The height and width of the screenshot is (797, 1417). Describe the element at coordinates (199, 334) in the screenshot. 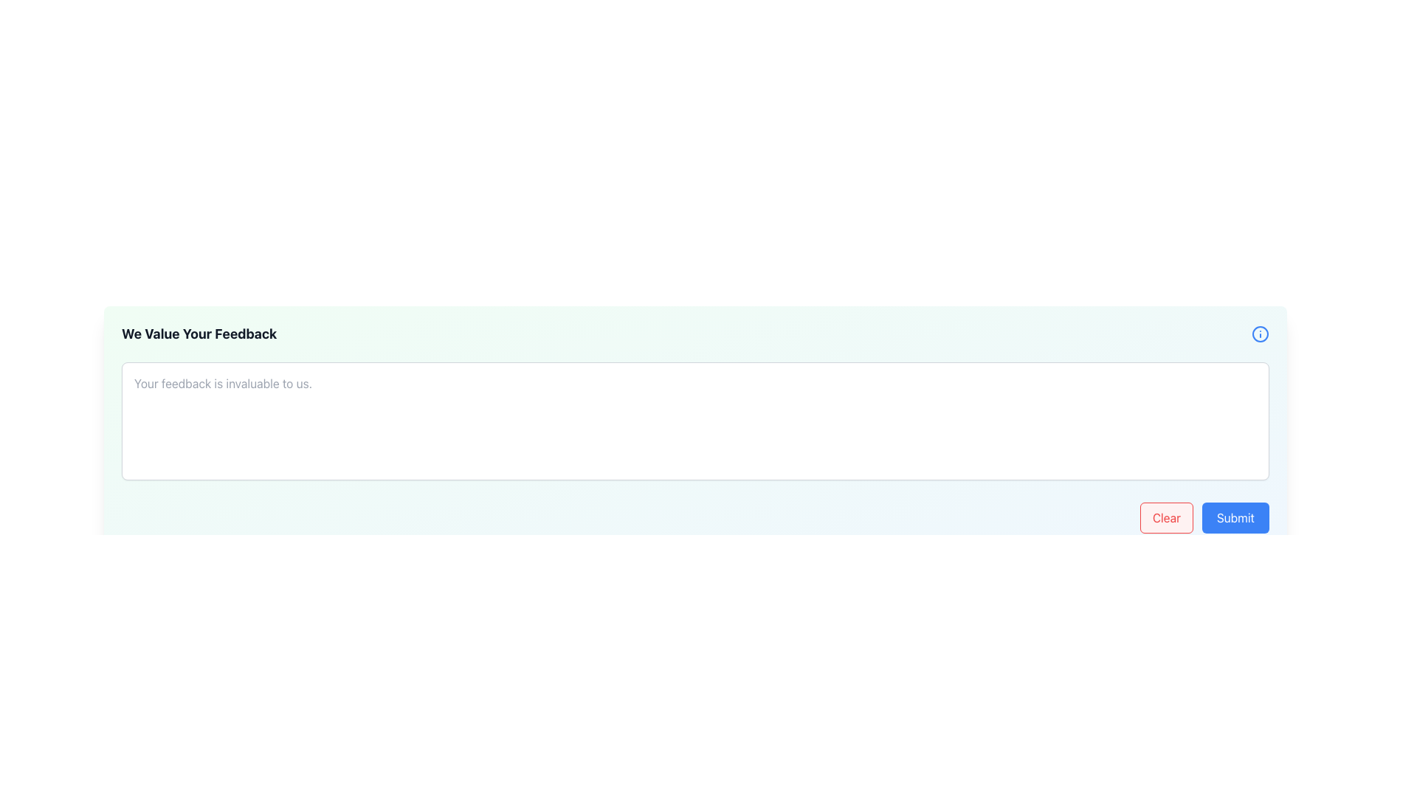

I see `text displayed as 'We Value Your Feedback' located at the top-left part of the feedback form interface` at that location.